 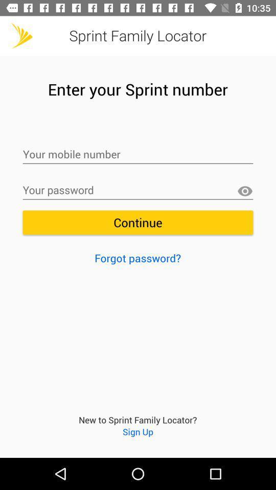 I want to click on the continue icon, so click(x=138, y=223).